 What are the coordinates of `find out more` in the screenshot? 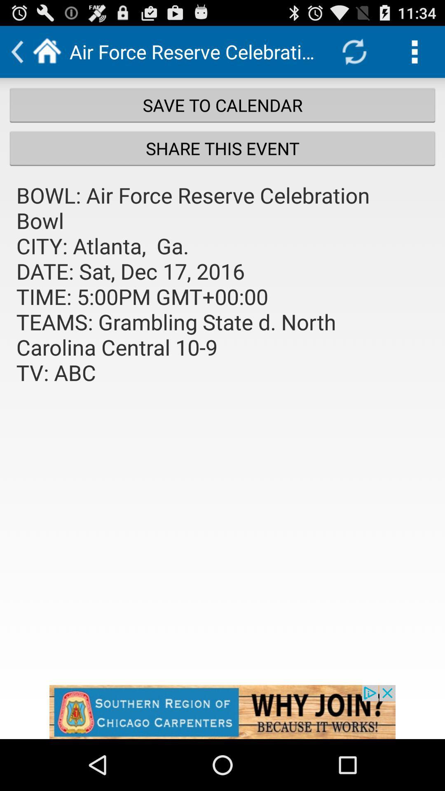 It's located at (222, 711).